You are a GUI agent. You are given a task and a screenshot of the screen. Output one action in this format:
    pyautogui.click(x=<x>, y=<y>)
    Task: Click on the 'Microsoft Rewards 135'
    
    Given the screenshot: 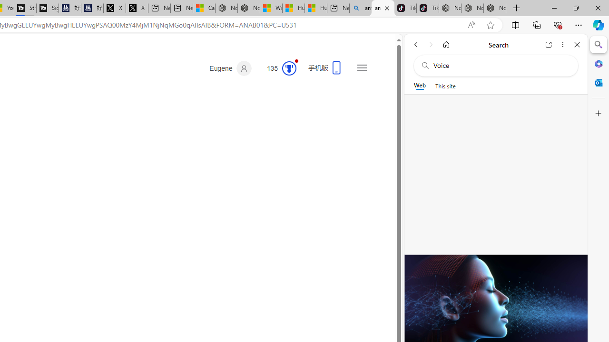 What is the action you would take?
    pyautogui.click(x=277, y=68)
    